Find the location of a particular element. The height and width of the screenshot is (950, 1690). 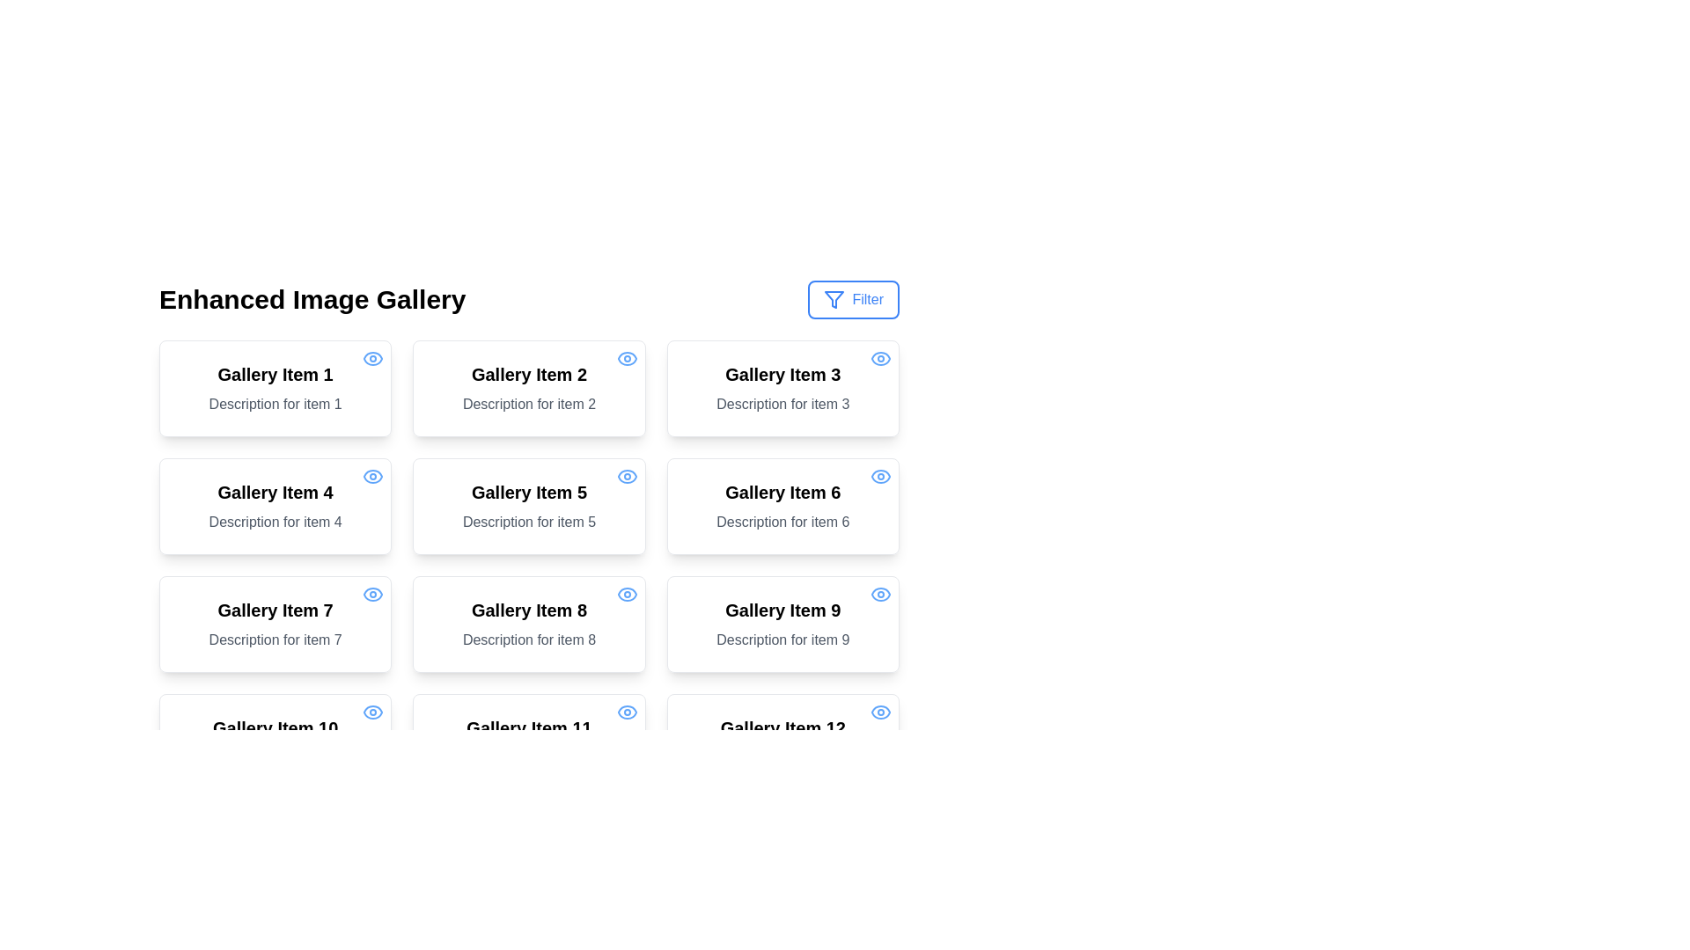

the static text that serves as a description for gallery item 8, located centrally in the lower half of the card titled 'Gallery Item 8' is located at coordinates (528, 640).